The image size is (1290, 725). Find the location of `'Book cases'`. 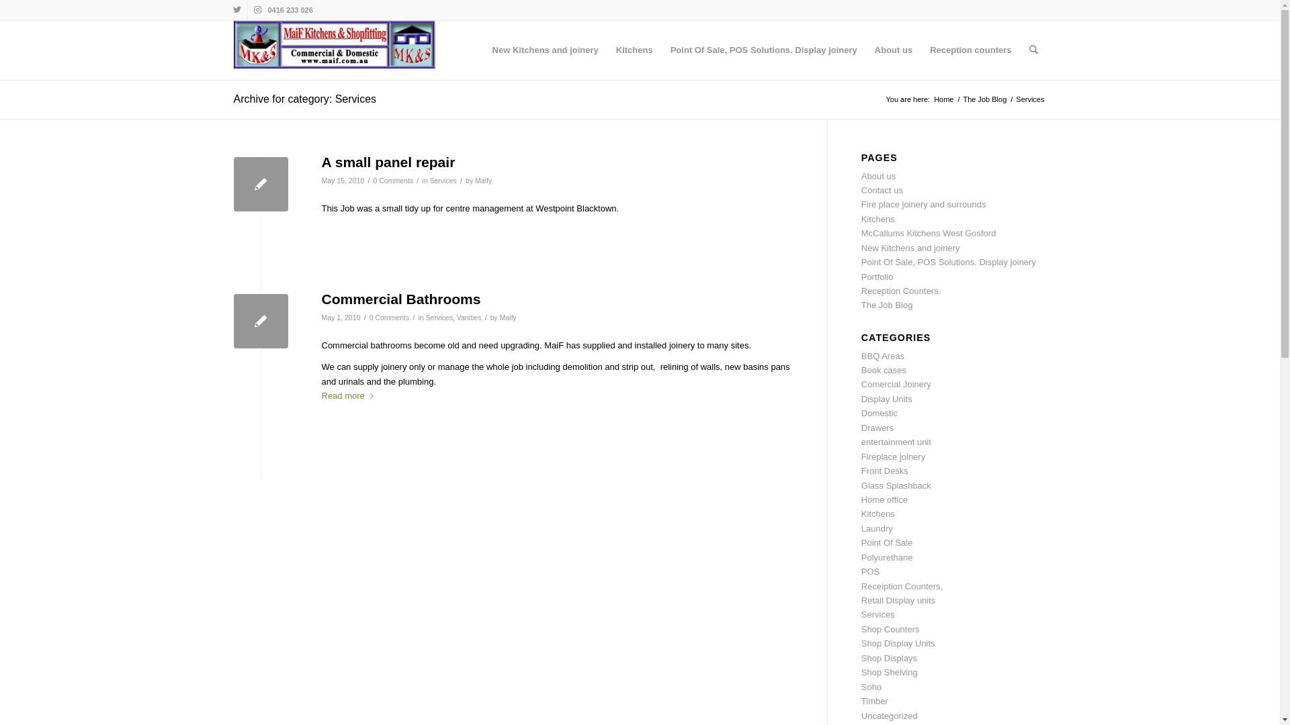

'Book cases' is located at coordinates (884, 370).